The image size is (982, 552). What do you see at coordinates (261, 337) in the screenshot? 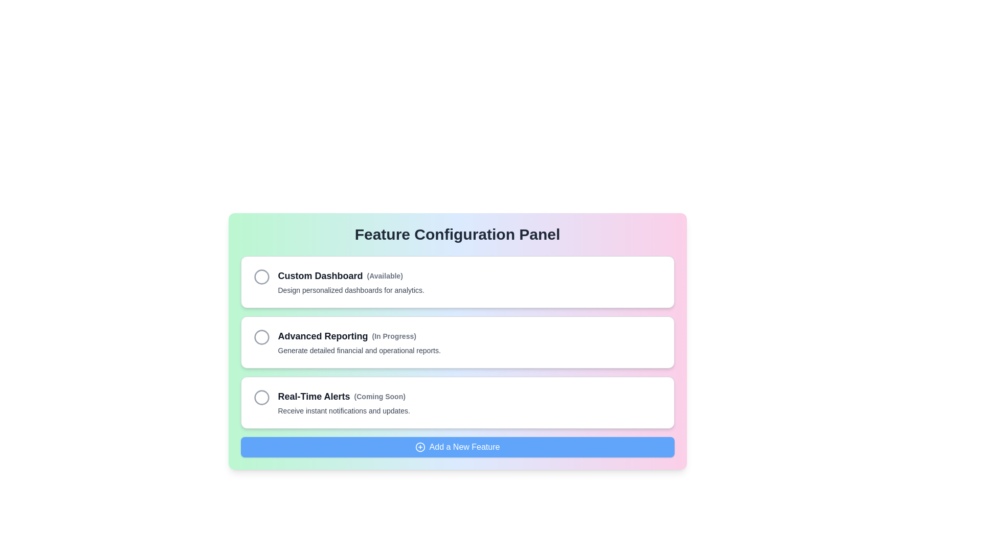
I see `the interactive circular icon with a gray outline located to the left of the 'Advanced Reporting (In Progress)' text` at bounding box center [261, 337].